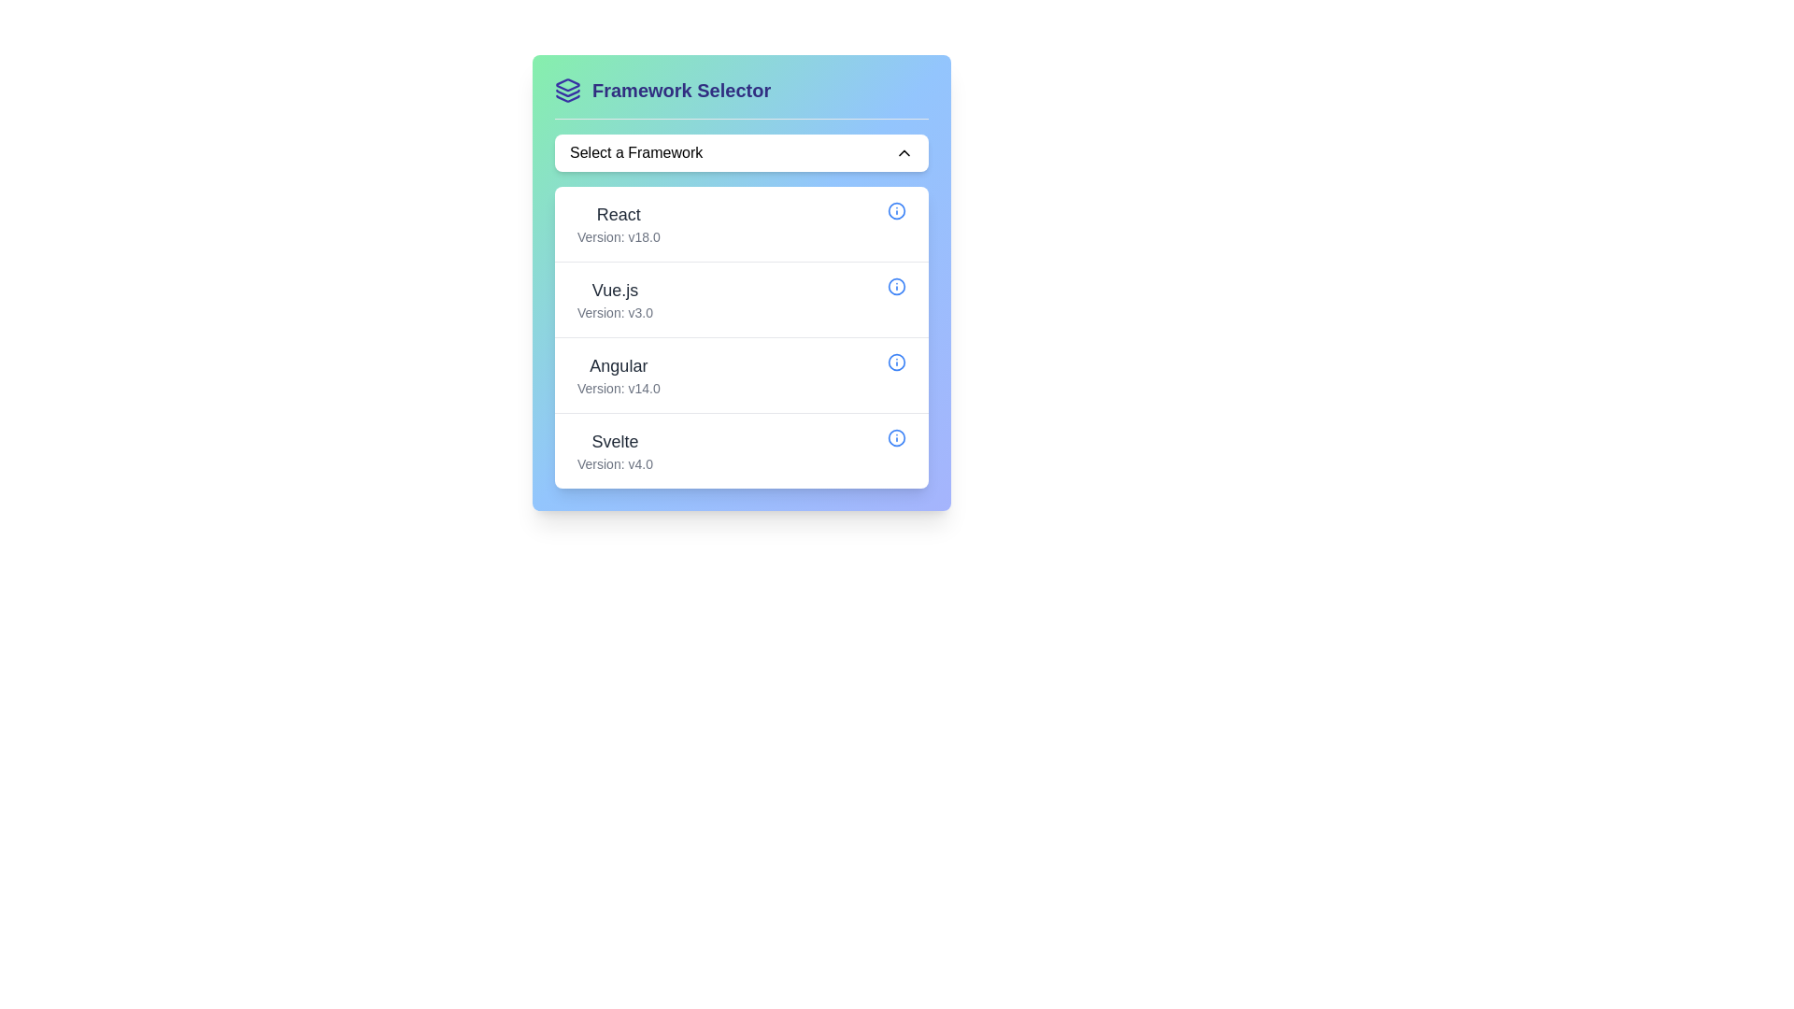  What do you see at coordinates (615, 442) in the screenshot?
I see `the 'Svelte' label, which is the last item in the 'Framework Selector' list, styled with medium font weight and large size in dark gray` at bounding box center [615, 442].